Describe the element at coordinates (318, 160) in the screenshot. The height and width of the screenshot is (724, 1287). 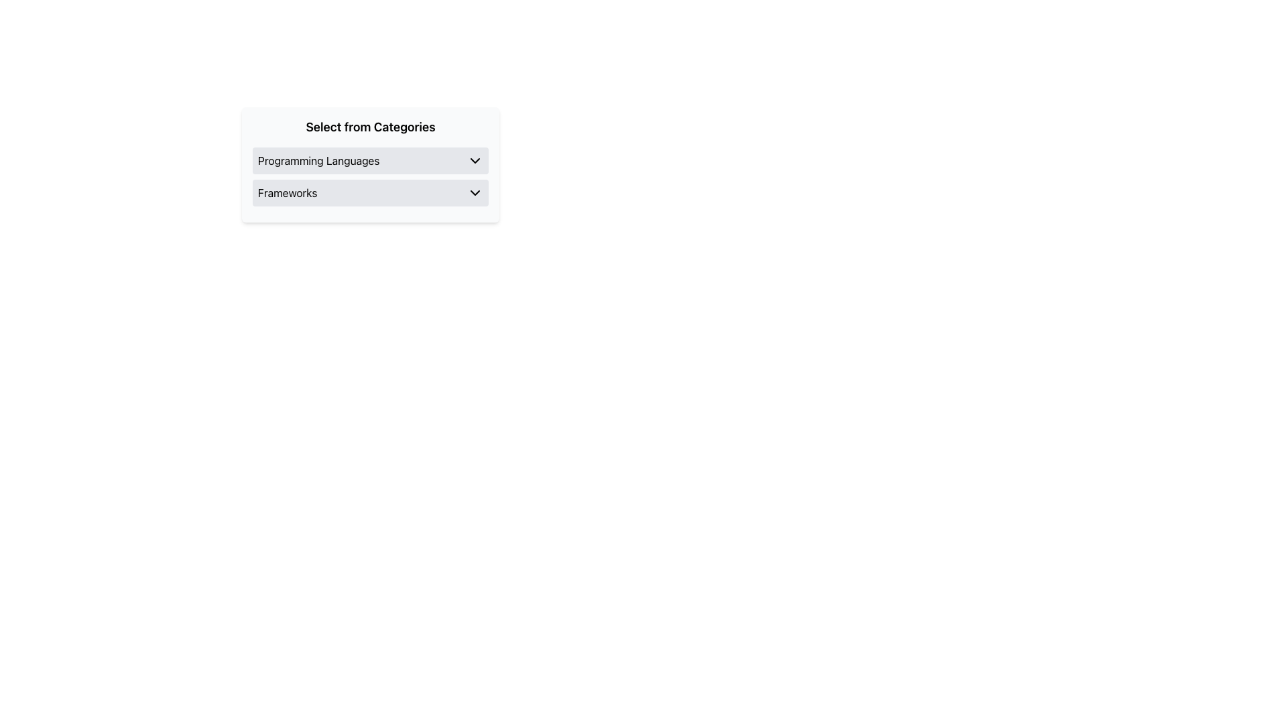
I see `label 'Programming Languages' from the text label displayed in a dark color against a light background, positioned above the 'Frameworks' option and to the left of the downward-facing chevron icon` at that location.